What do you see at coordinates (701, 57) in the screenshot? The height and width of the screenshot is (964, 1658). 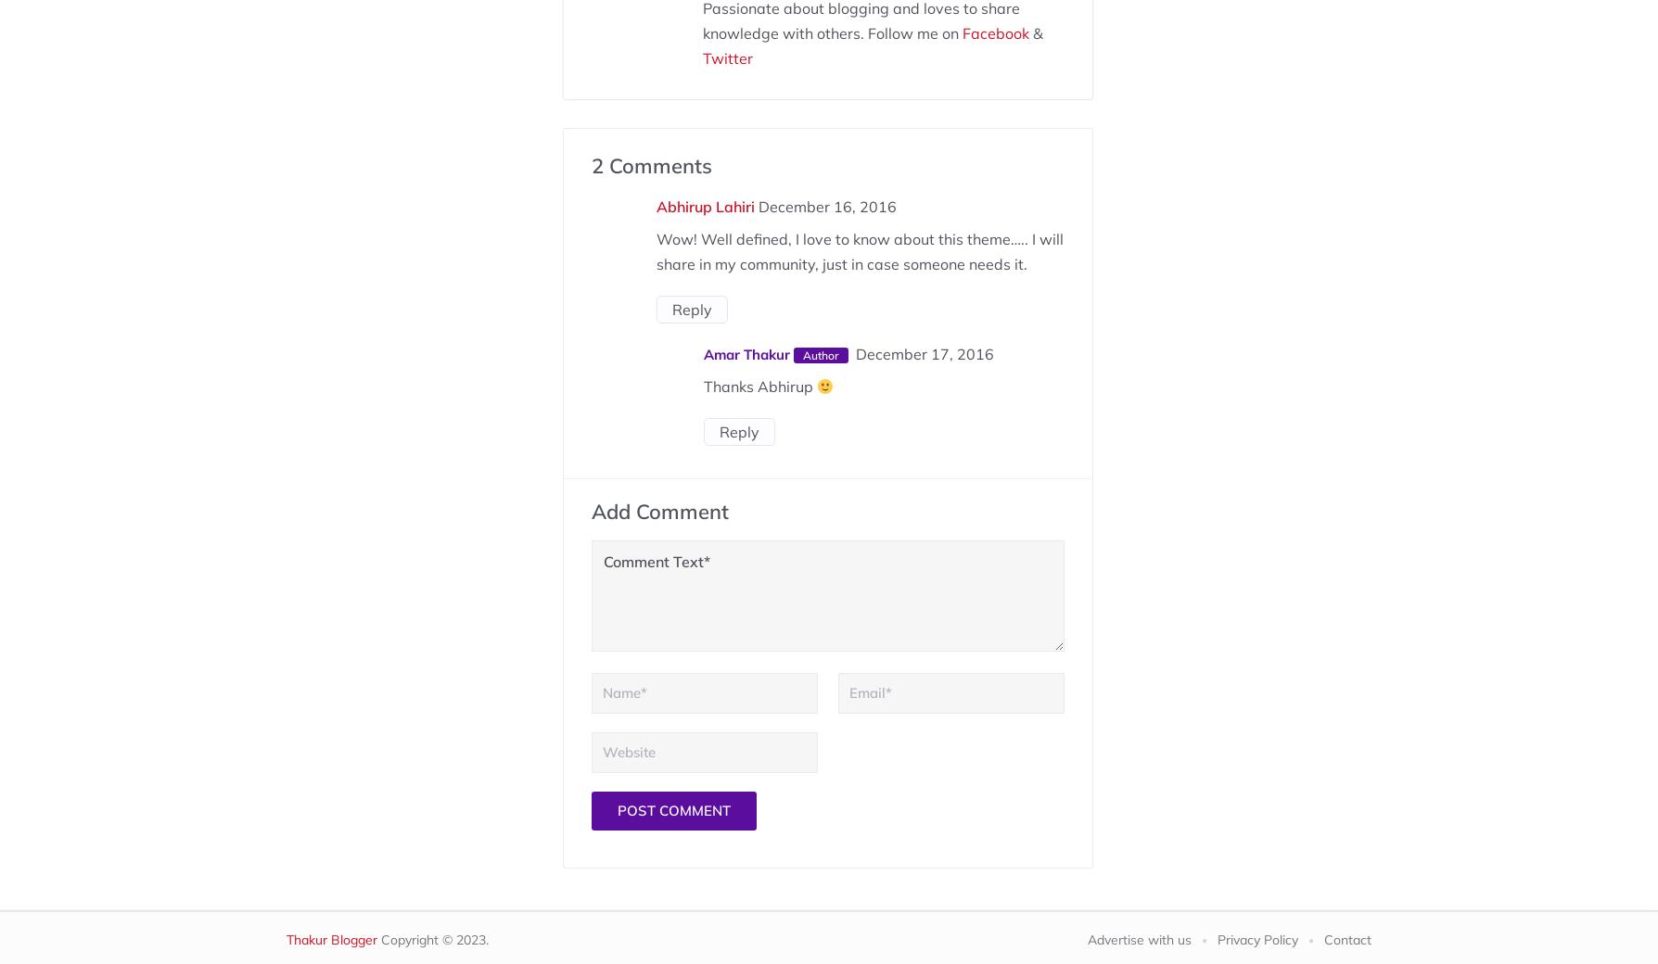 I see `'Twitter'` at bounding box center [701, 57].